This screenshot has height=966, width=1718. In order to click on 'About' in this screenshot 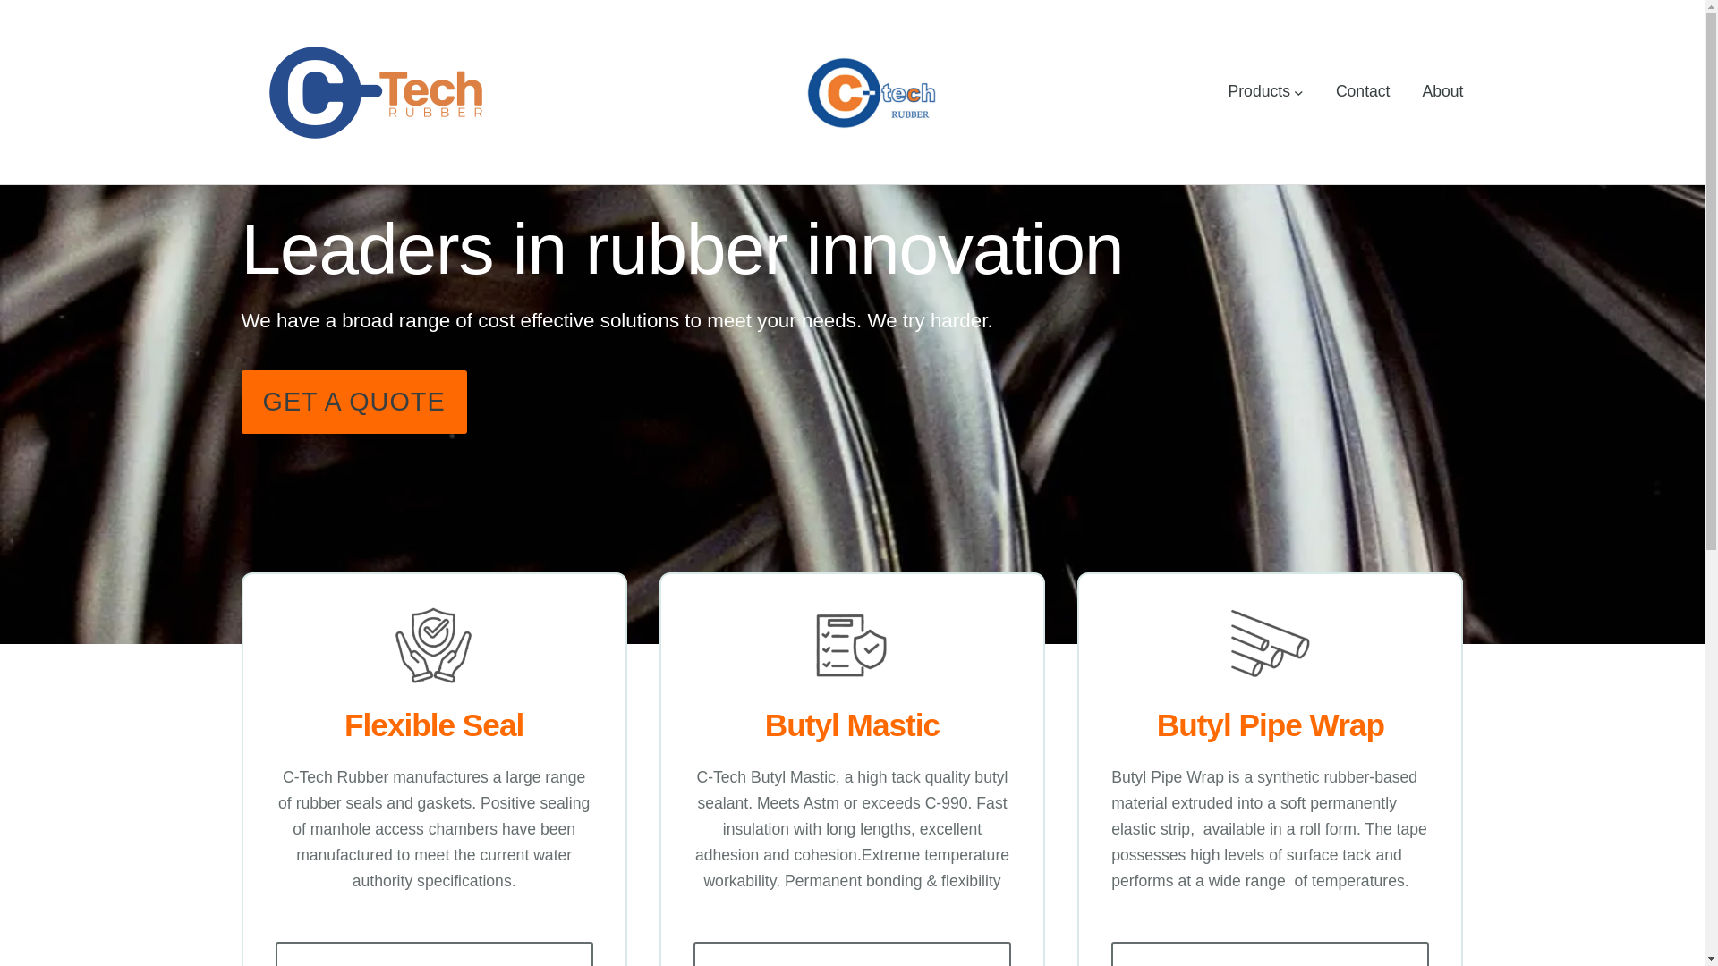, I will do `click(1442, 91)`.